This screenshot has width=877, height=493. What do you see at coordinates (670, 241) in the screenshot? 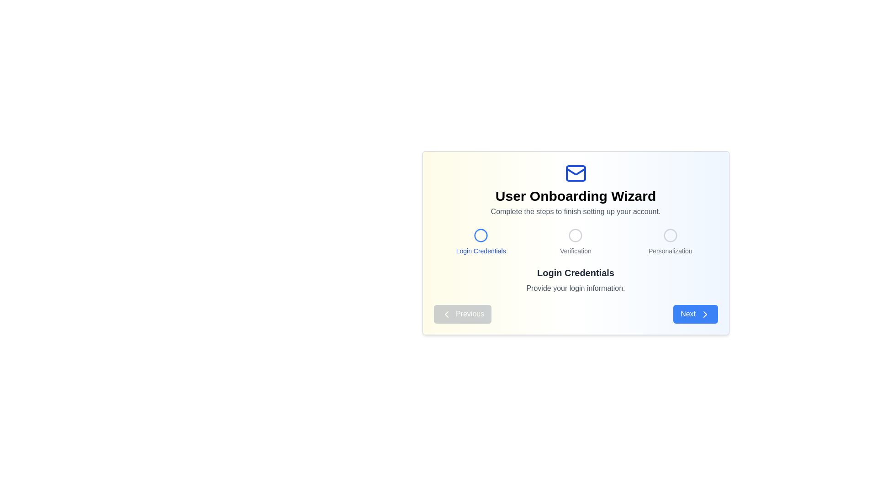
I see `the 'Personalization' step indicator, which is the third step in a multi-step wizard` at bounding box center [670, 241].